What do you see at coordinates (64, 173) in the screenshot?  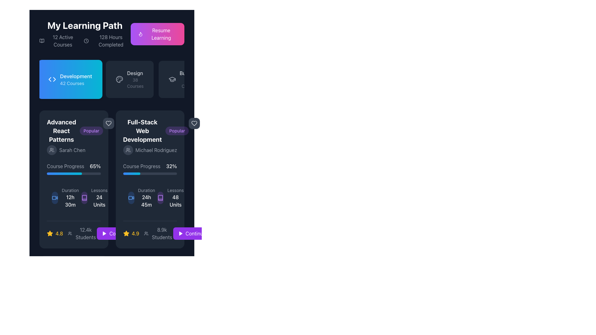 I see `the visual progress level of the horizontal progress bar with a gradient color transitioning from blue to cyan, located within the 'Course Progress' section of the 'Full-Stack Web Development' course card` at bounding box center [64, 173].